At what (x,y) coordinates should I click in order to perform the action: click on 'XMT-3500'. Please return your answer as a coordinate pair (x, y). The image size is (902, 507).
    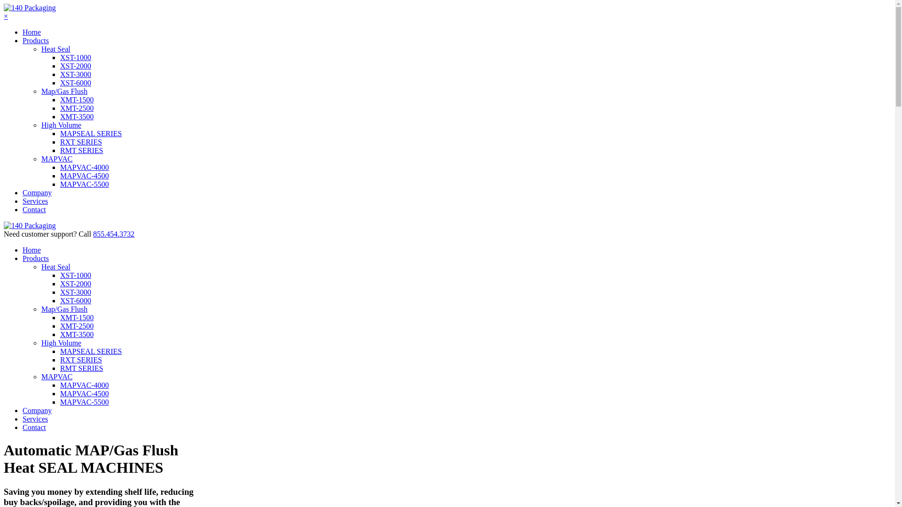
    Looking at the image, I should click on (77, 116).